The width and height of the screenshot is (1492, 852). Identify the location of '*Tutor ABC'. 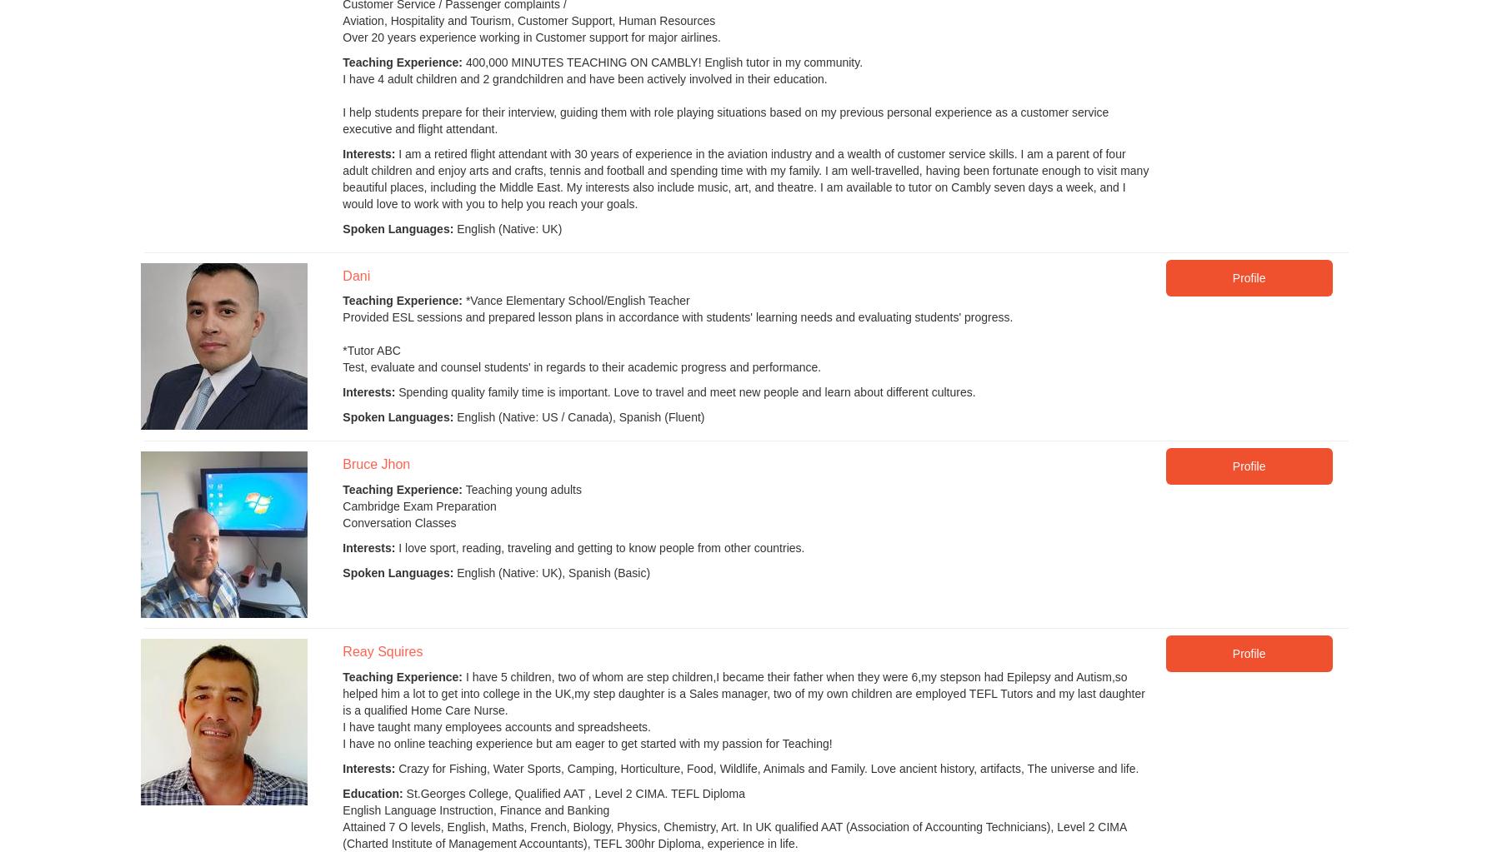
(371, 350).